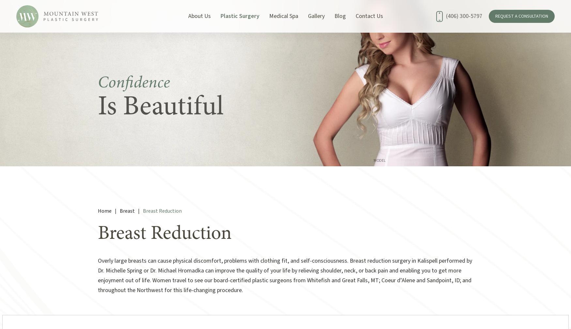  I want to click on 'Plastic Surgery', so click(239, 16).